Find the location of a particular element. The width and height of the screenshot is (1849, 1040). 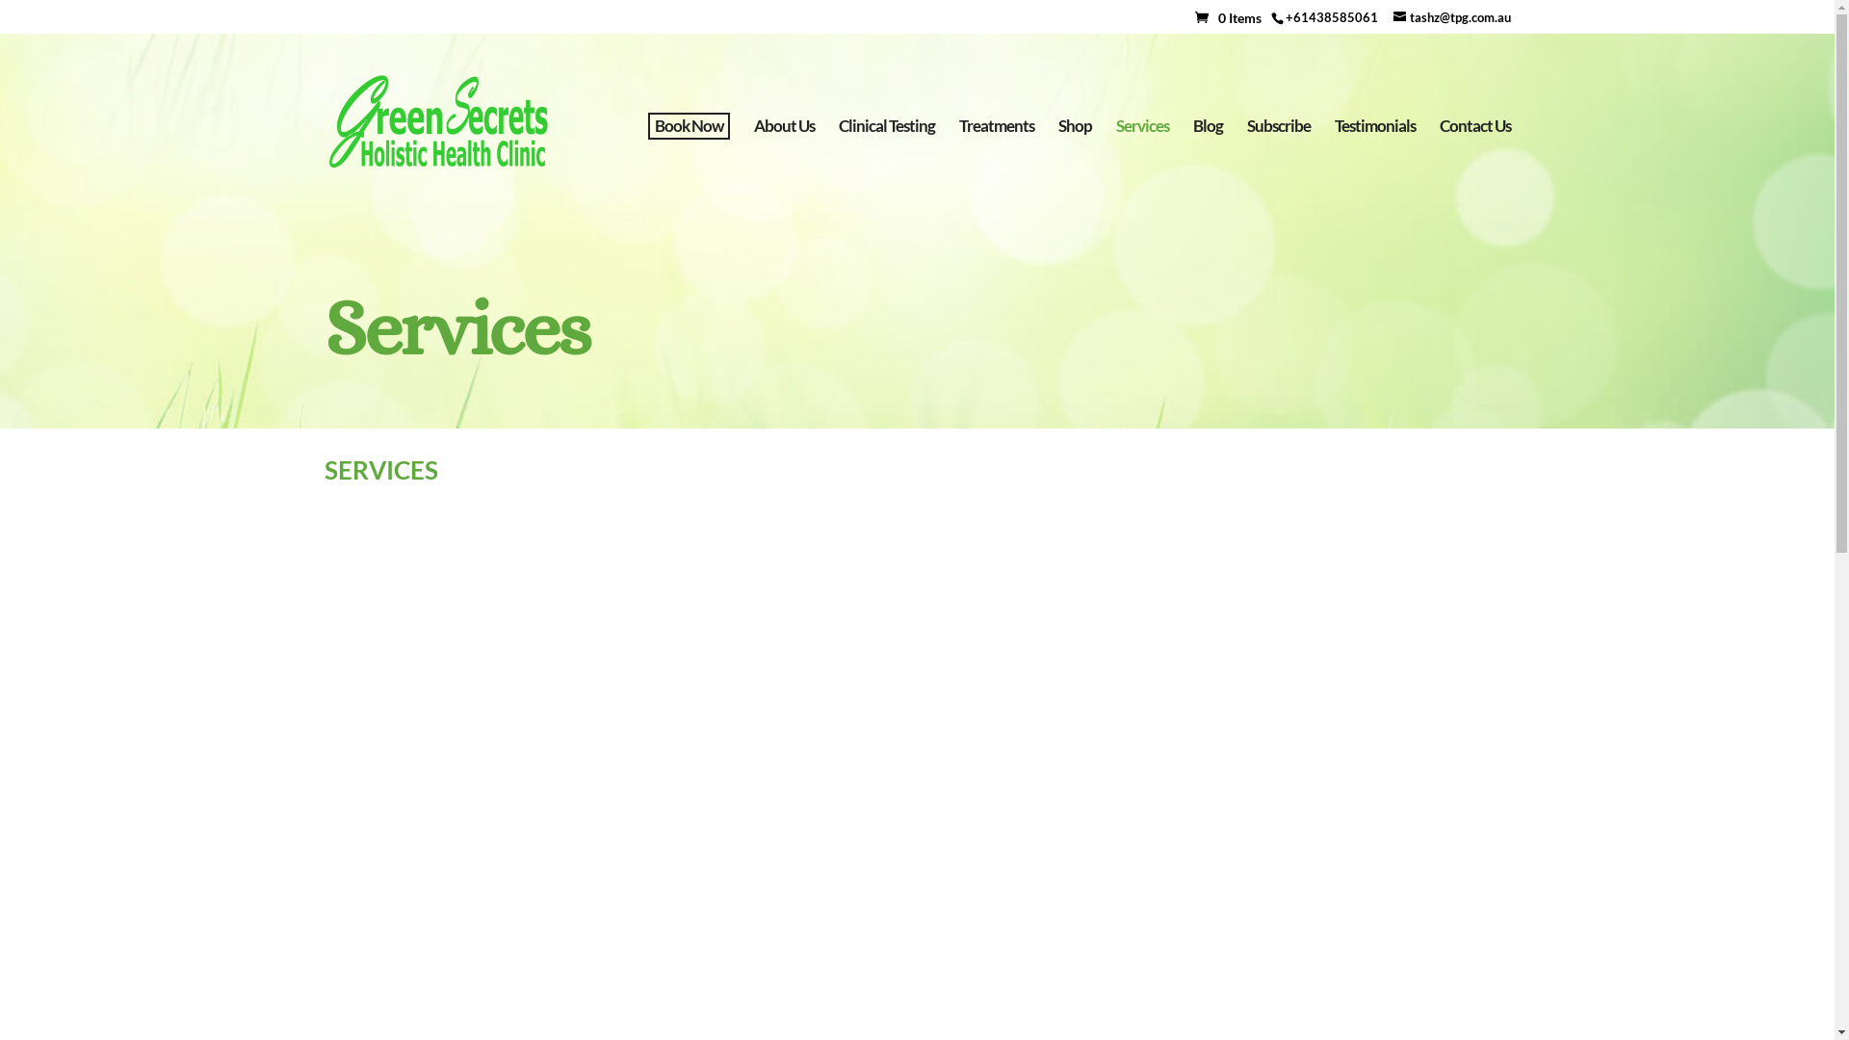

'Services' is located at coordinates (1141, 165).